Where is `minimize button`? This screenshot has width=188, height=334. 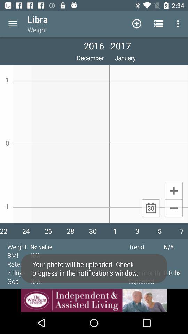 minimize button is located at coordinates (173, 209).